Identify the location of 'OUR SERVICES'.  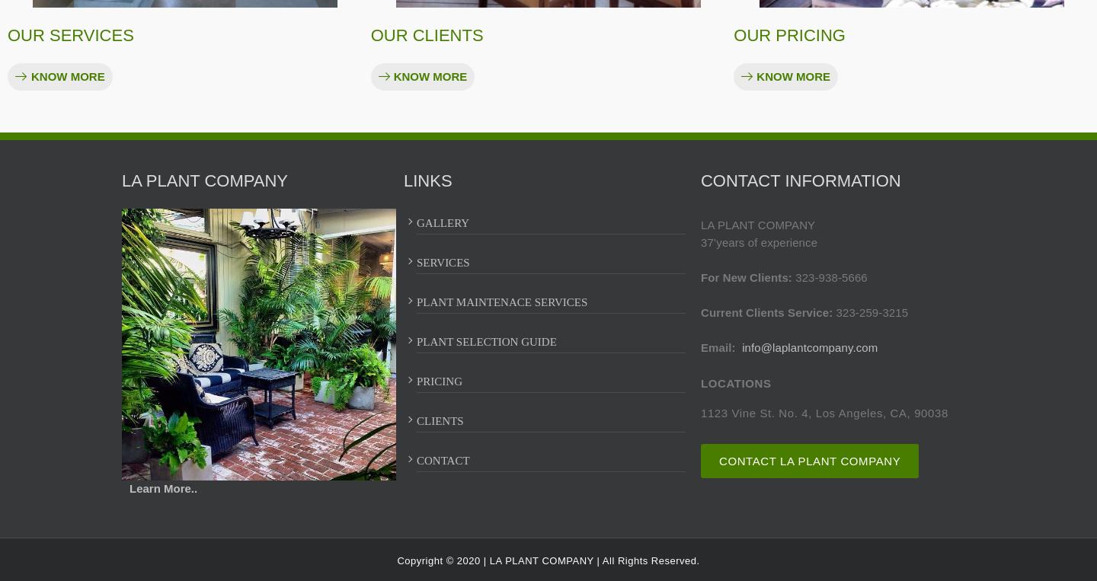
(70, 34).